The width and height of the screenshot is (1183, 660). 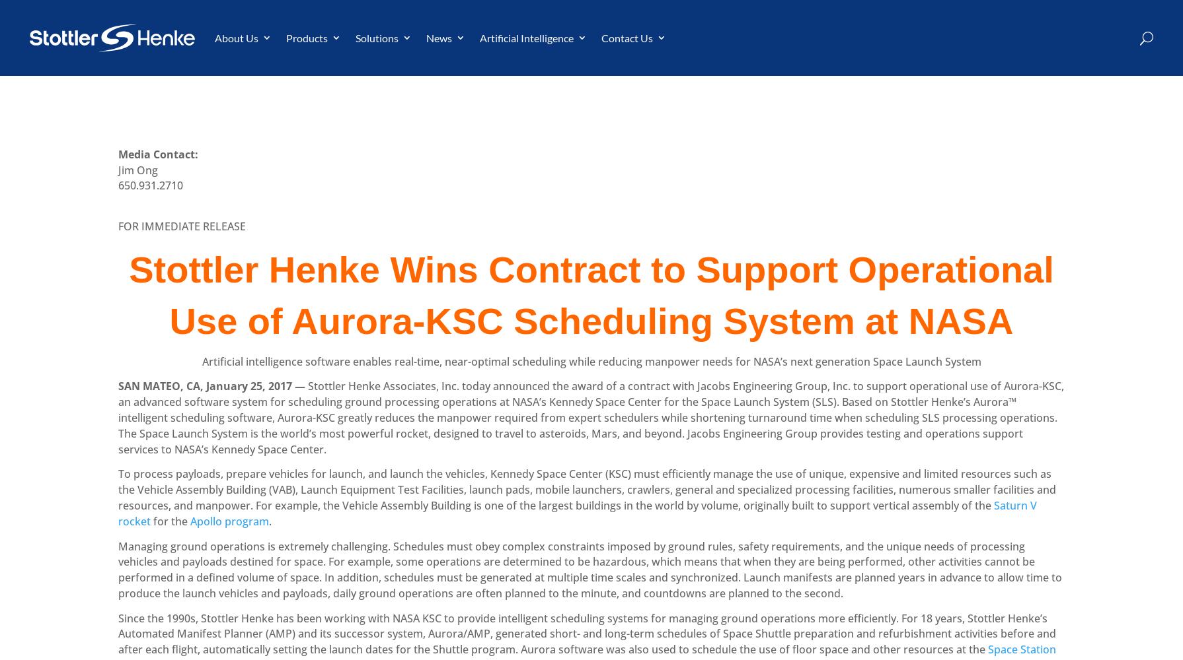 What do you see at coordinates (373, 108) in the screenshot?
I see `'Decision  Support'` at bounding box center [373, 108].